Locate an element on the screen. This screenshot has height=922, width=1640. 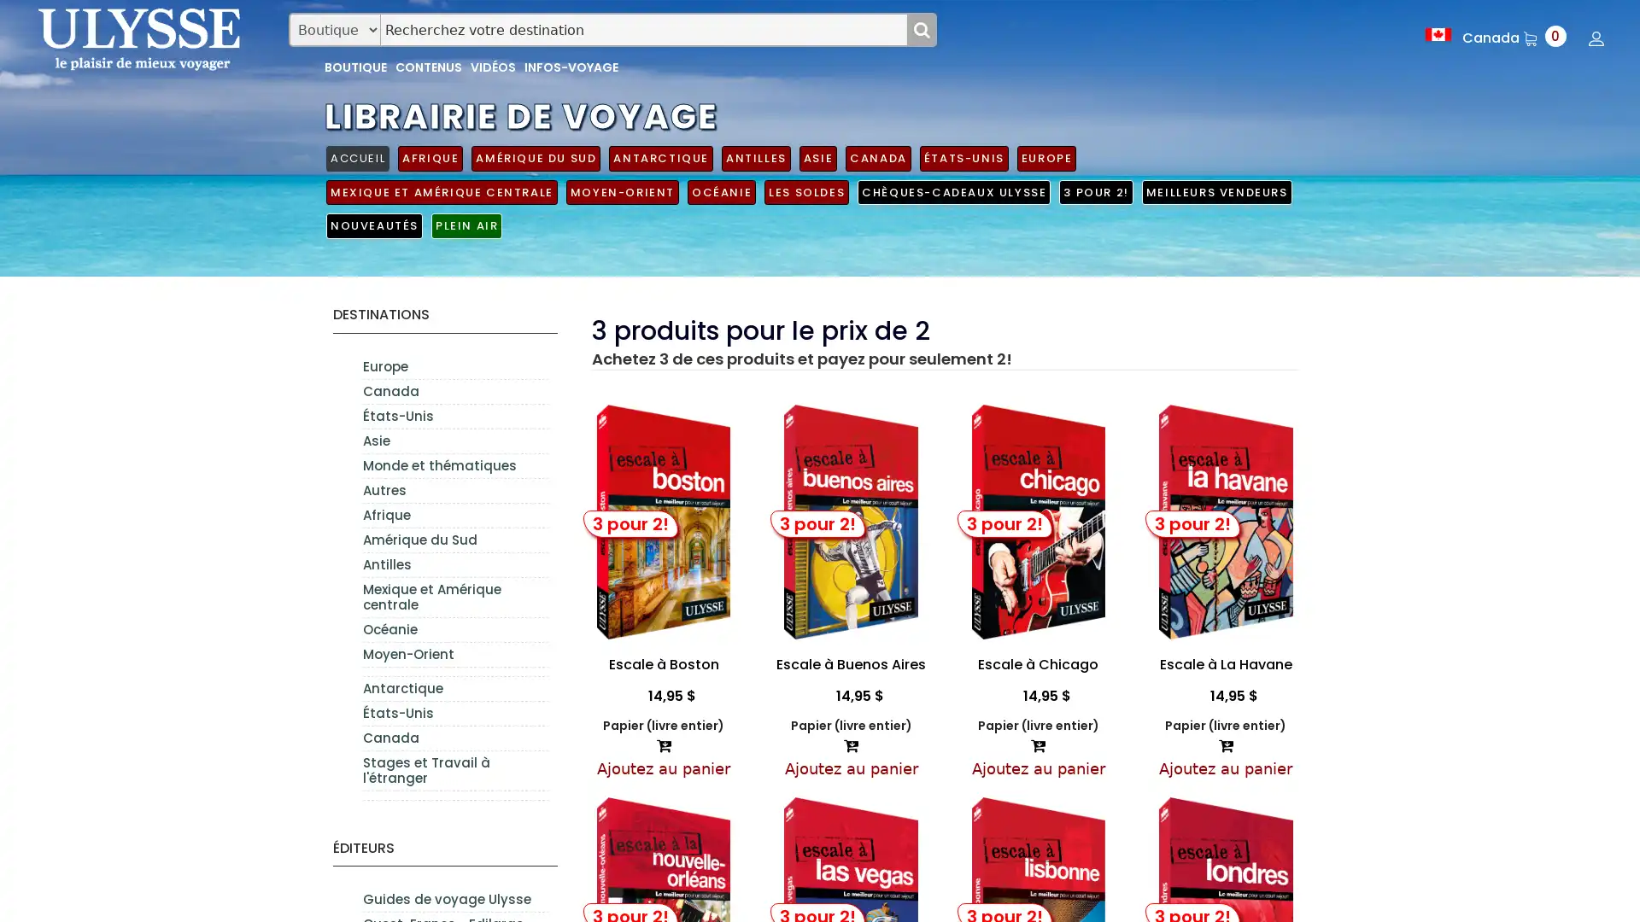
MOYEN-ORIENT is located at coordinates (621, 191).